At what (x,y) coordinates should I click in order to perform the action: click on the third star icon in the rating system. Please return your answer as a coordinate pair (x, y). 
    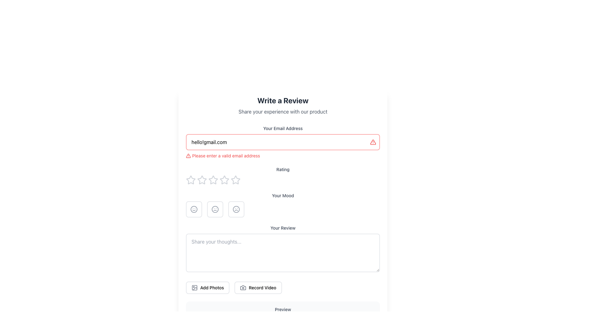
    Looking at the image, I should click on (213, 180).